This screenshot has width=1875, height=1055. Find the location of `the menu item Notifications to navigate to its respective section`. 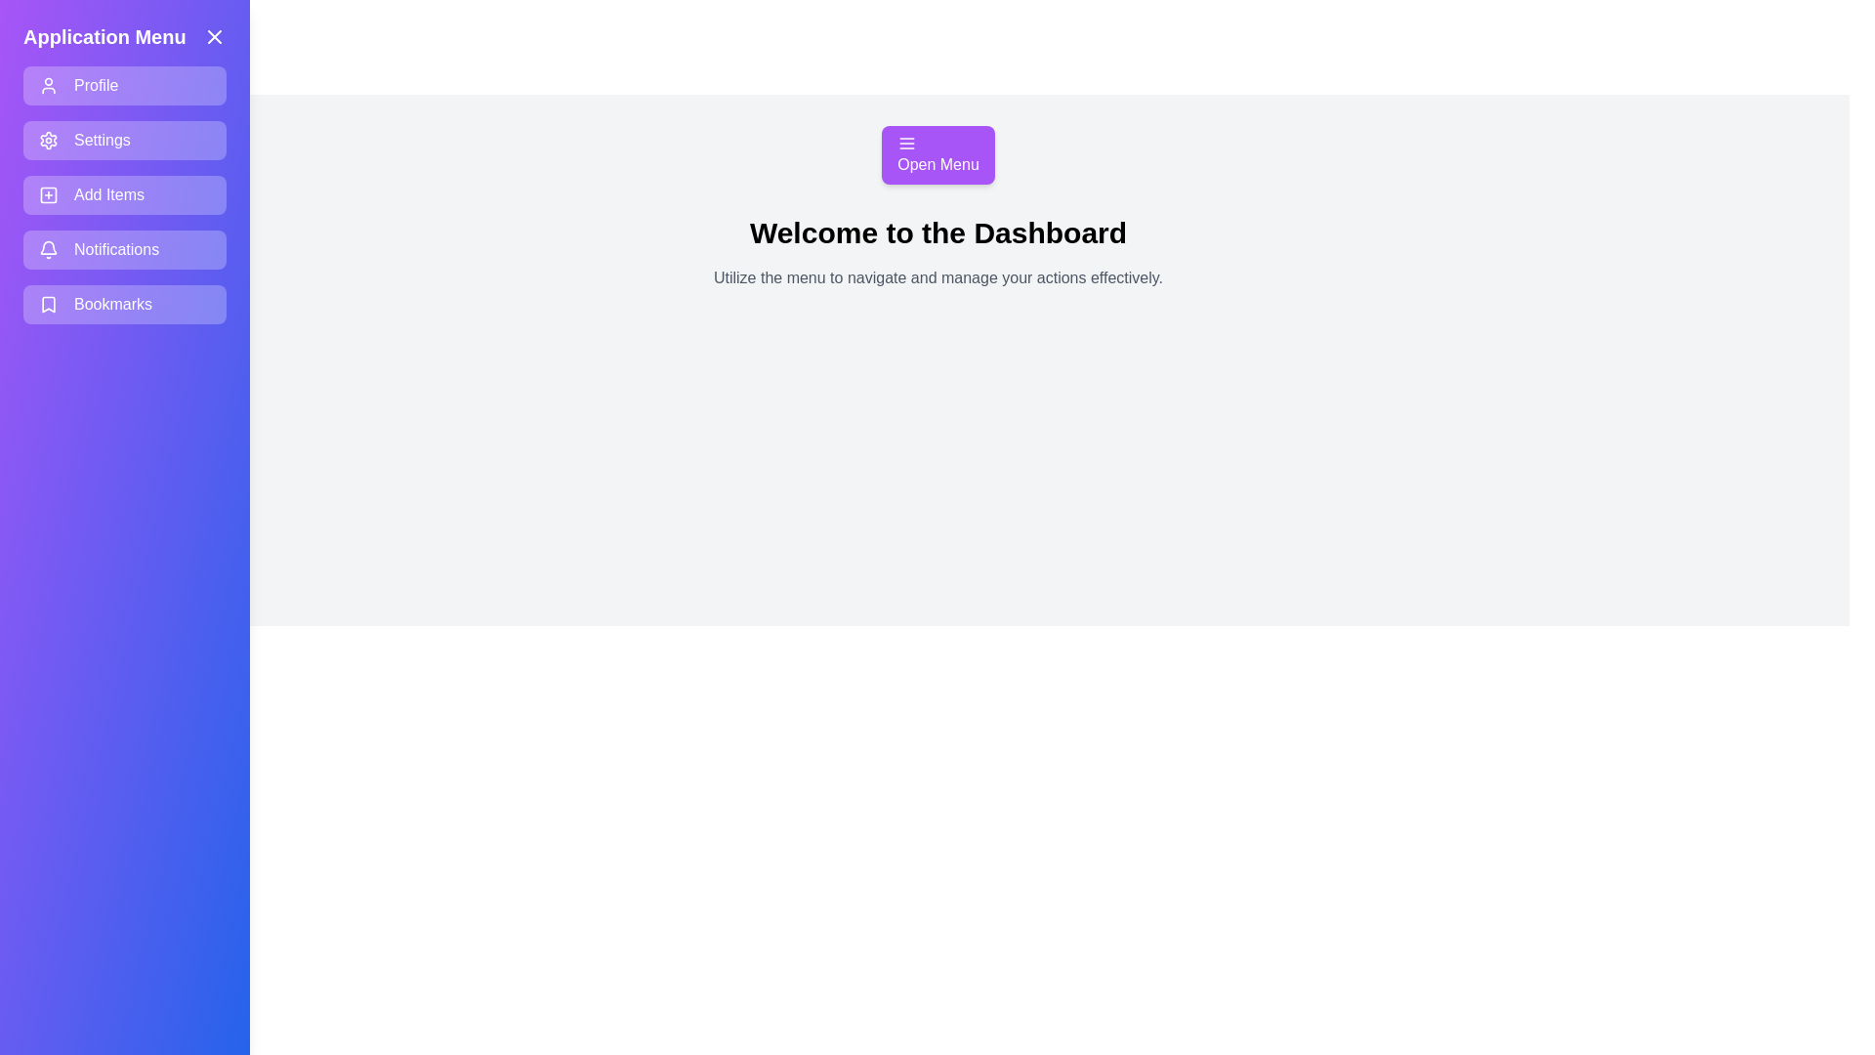

the menu item Notifications to navigate to its respective section is located at coordinates (124, 248).